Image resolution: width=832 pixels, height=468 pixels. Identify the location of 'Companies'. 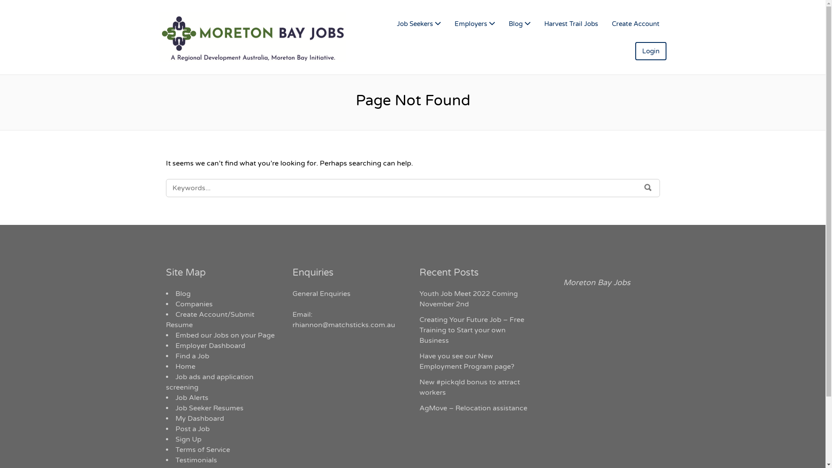
(193, 304).